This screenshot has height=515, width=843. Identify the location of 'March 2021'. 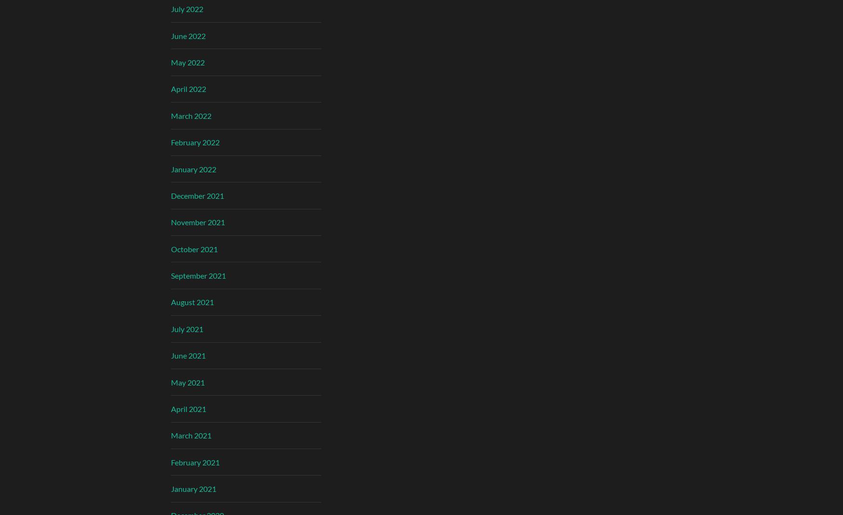
(191, 435).